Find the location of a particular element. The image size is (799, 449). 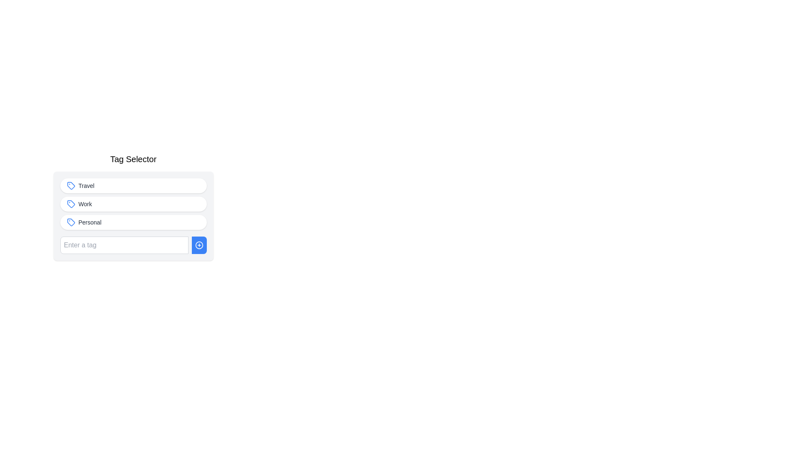

the tag icon with a blue border and white interior located in the third entry labeled 'Personal' in the list of items is located at coordinates (71, 222).